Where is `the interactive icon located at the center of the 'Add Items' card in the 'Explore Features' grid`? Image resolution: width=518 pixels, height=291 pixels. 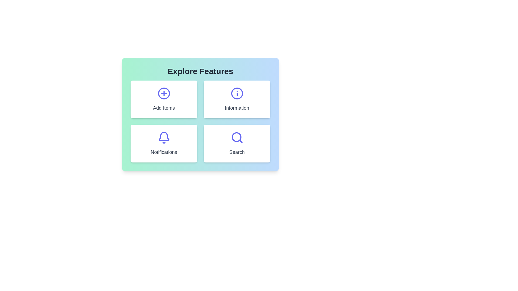
the interactive icon located at the center of the 'Add Items' card in the 'Explore Features' grid is located at coordinates (163, 93).